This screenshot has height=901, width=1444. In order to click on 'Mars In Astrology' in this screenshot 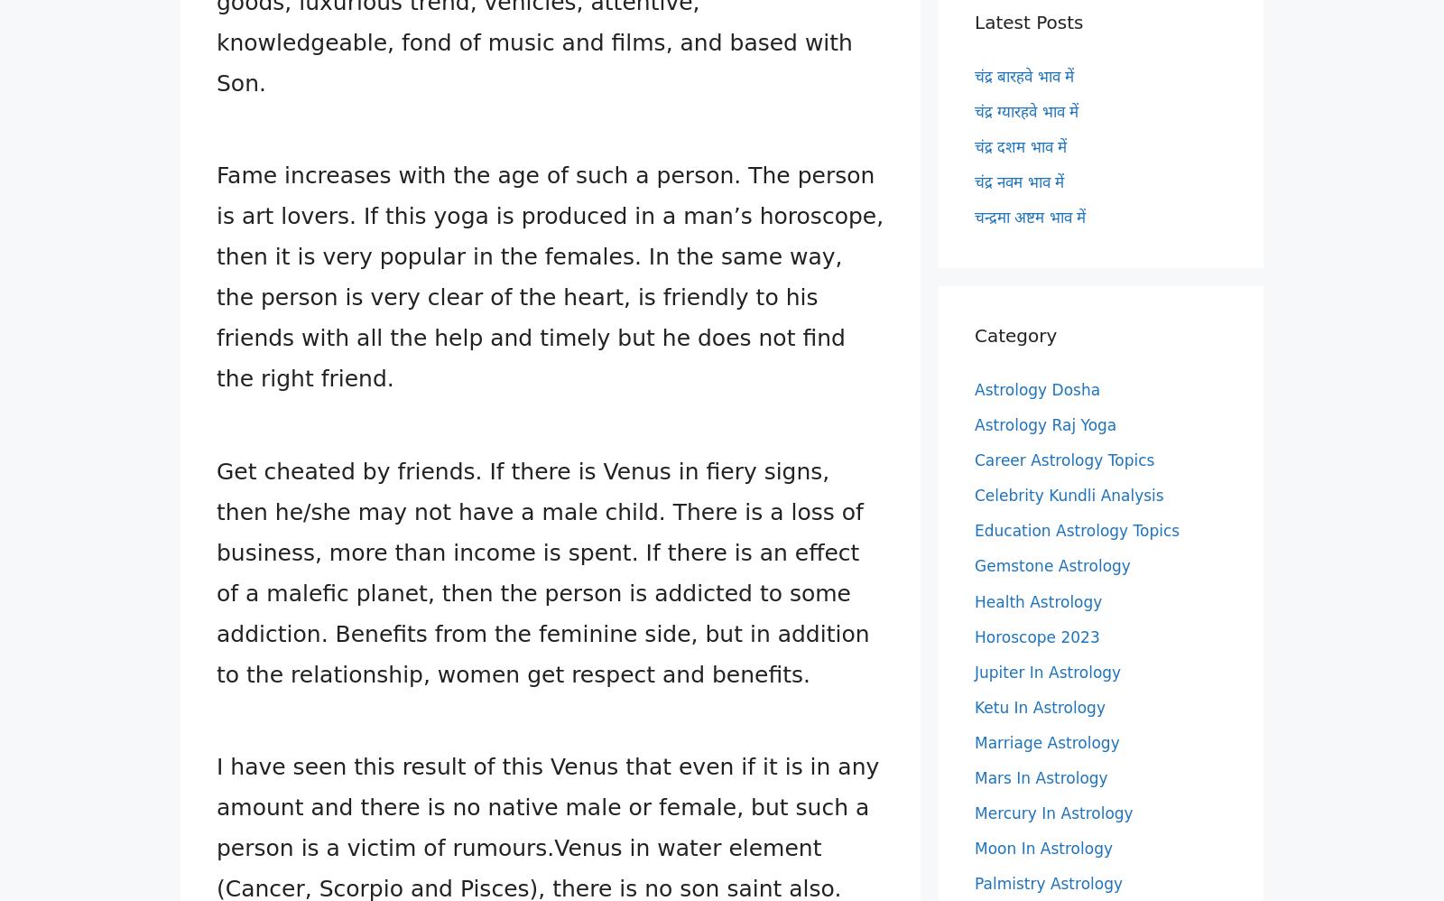, I will do `click(975, 776)`.